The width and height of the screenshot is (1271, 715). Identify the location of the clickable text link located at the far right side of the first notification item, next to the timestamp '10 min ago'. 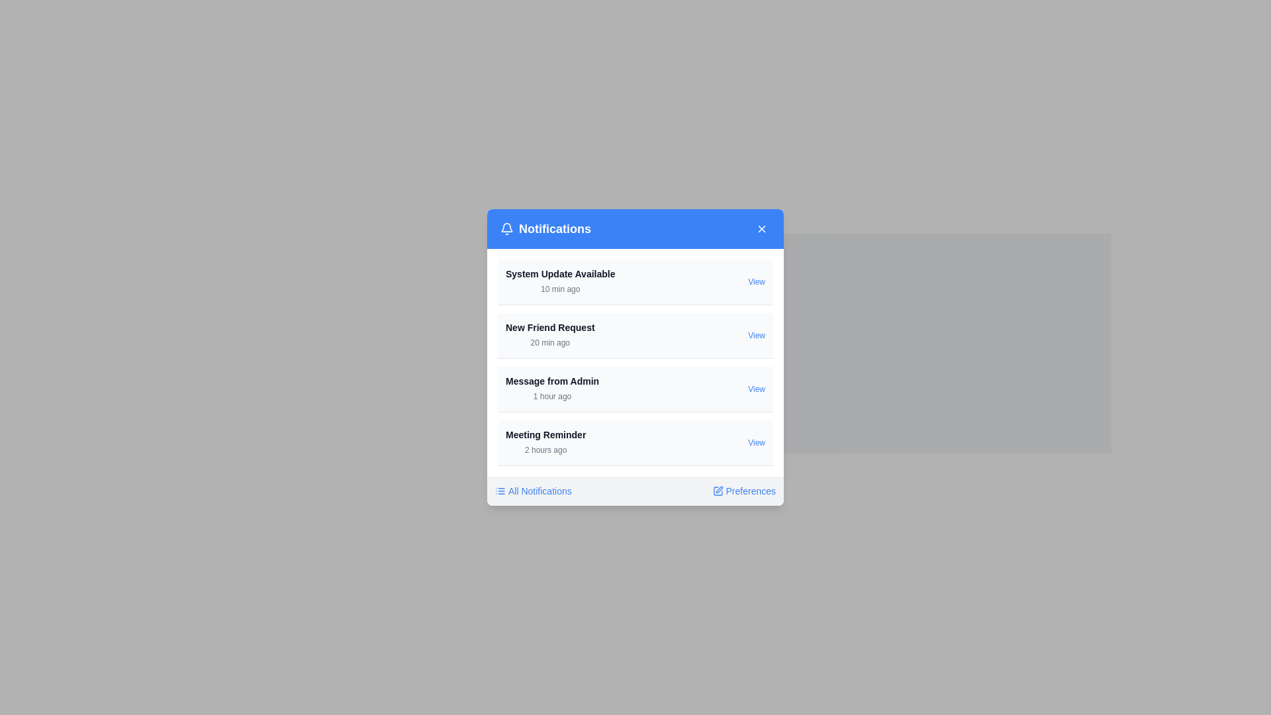
(757, 281).